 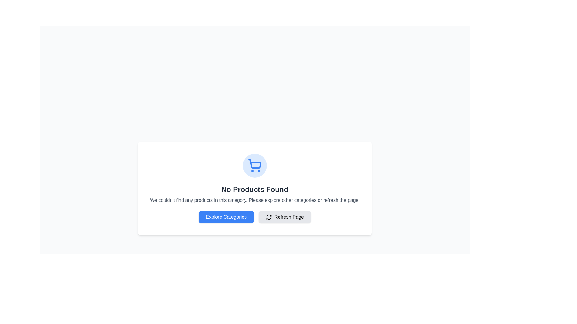 What do you see at coordinates (255, 200) in the screenshot?
I see `message indicating that no products were found, which is located directly below the header 'No Products Found' in a white card component` at bounding box center [255, 200].